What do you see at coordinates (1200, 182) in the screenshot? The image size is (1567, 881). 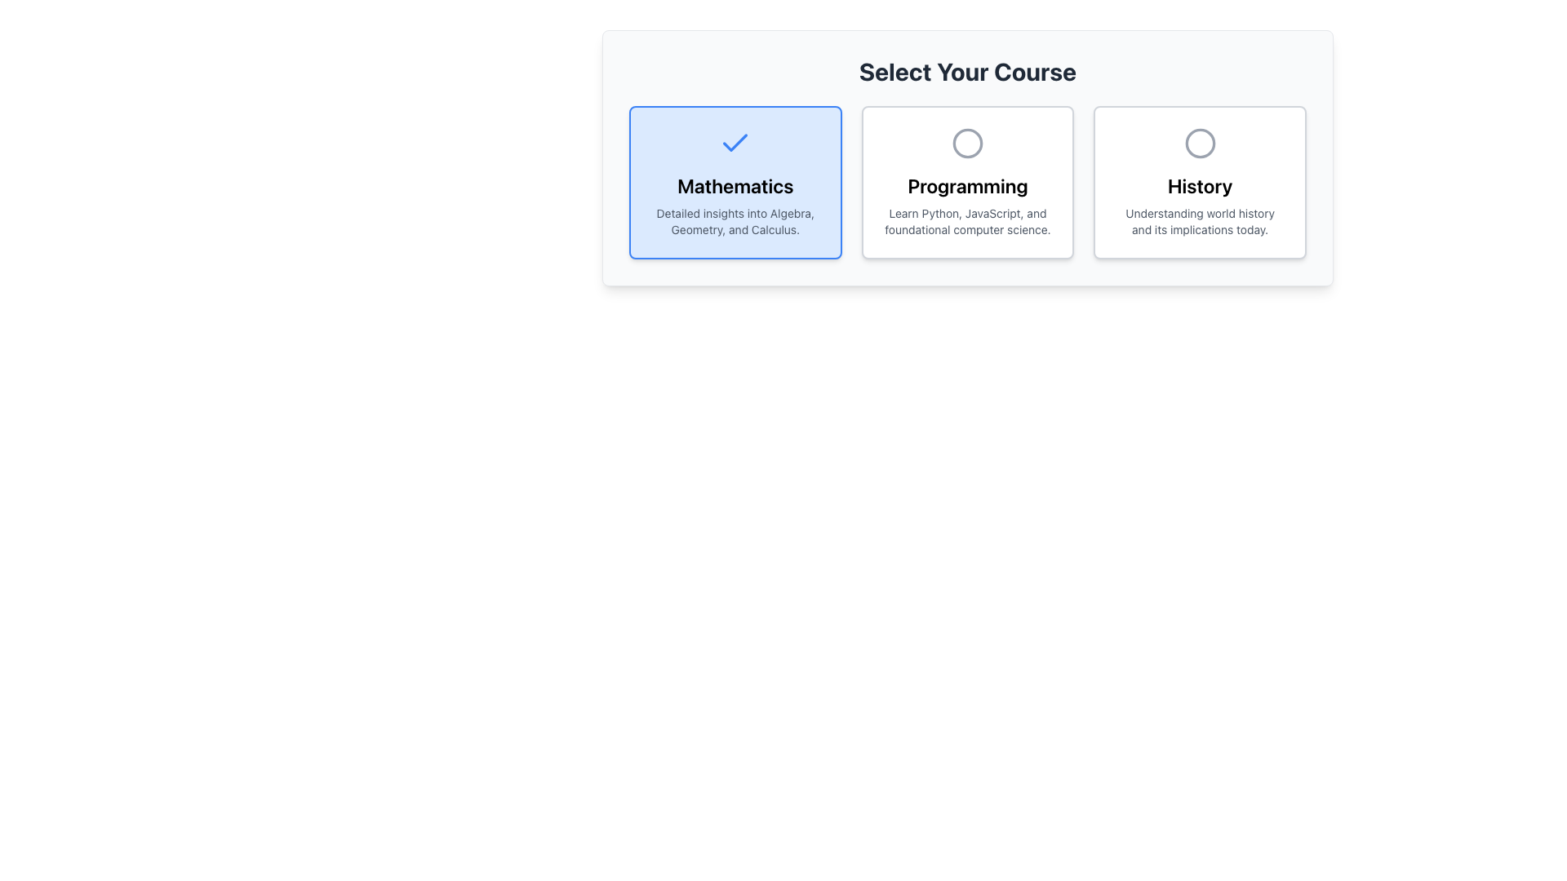 I see `the 'History' course card located in the rightmost column of the grid layout` at bounding box center [1200, 182].